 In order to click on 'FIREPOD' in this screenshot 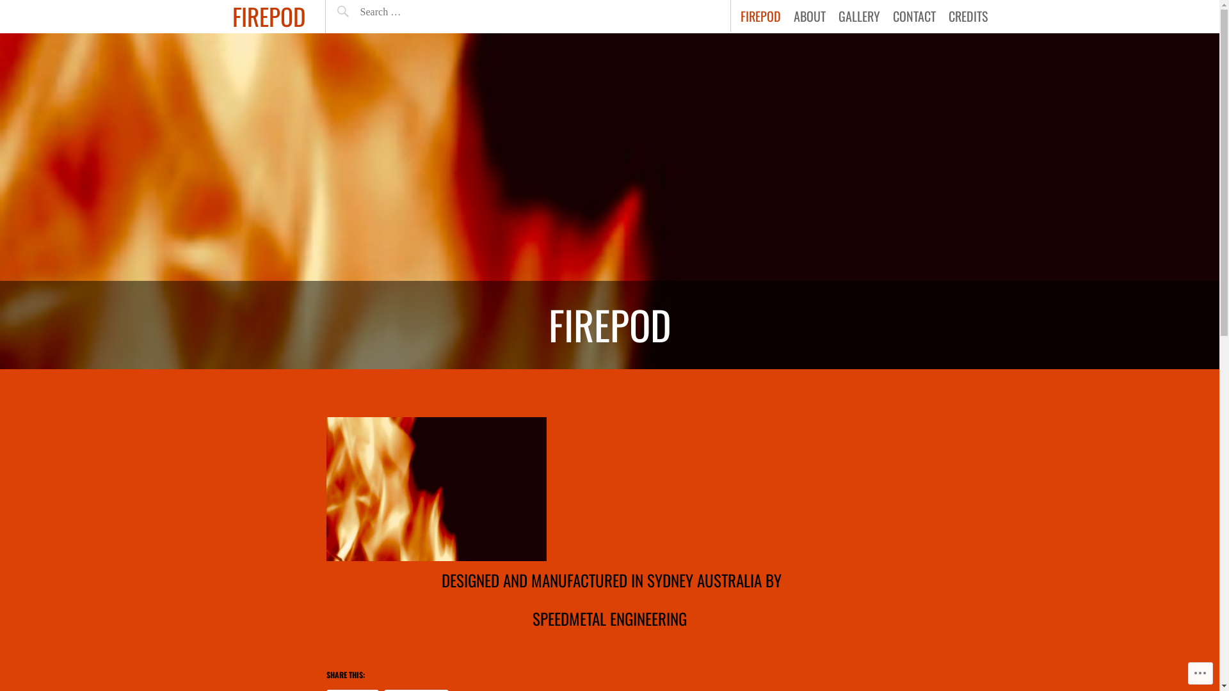, I will do `click(740, 15)`.